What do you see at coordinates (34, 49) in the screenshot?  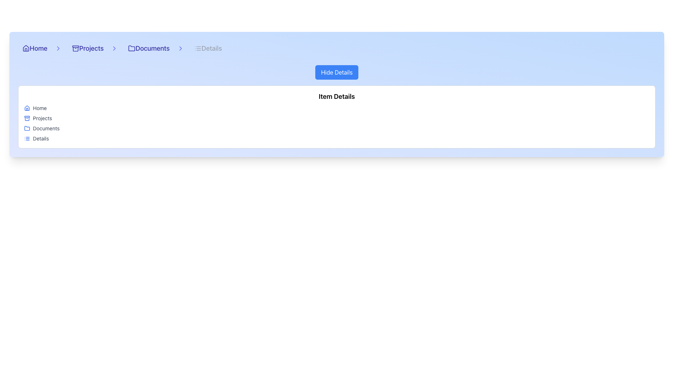 I see `the 'Home' navigation link located at the top left of the navigation area` at bounding box center [34, 49].